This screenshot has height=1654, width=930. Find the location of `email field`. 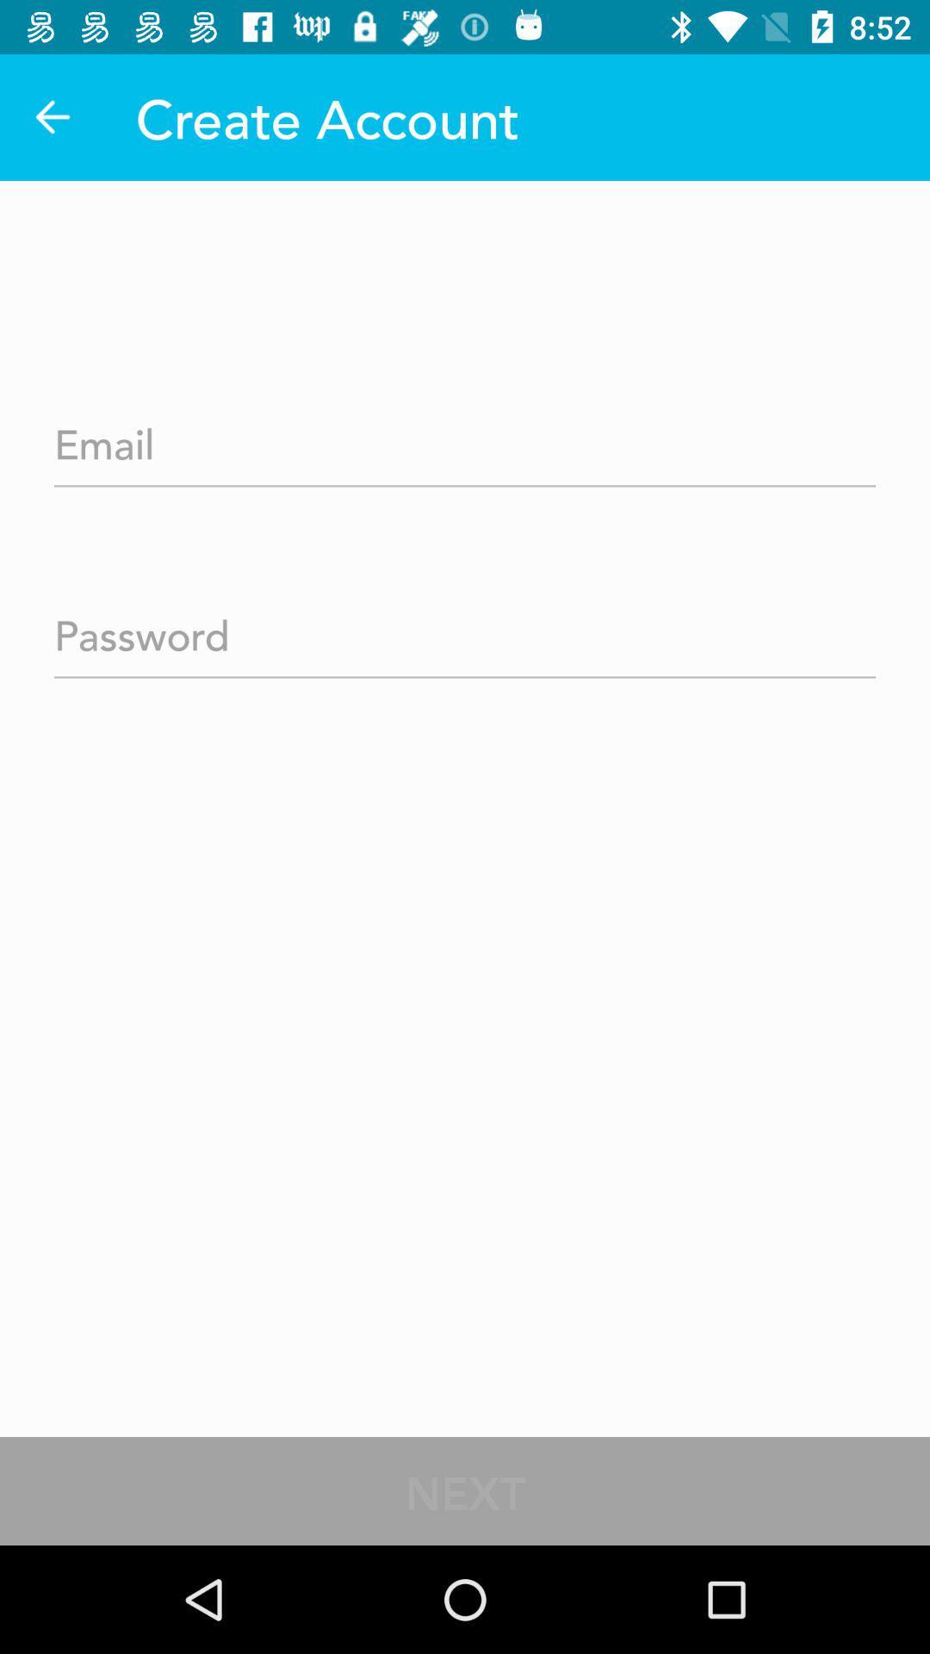

email field is located at coordinates (465, 438).